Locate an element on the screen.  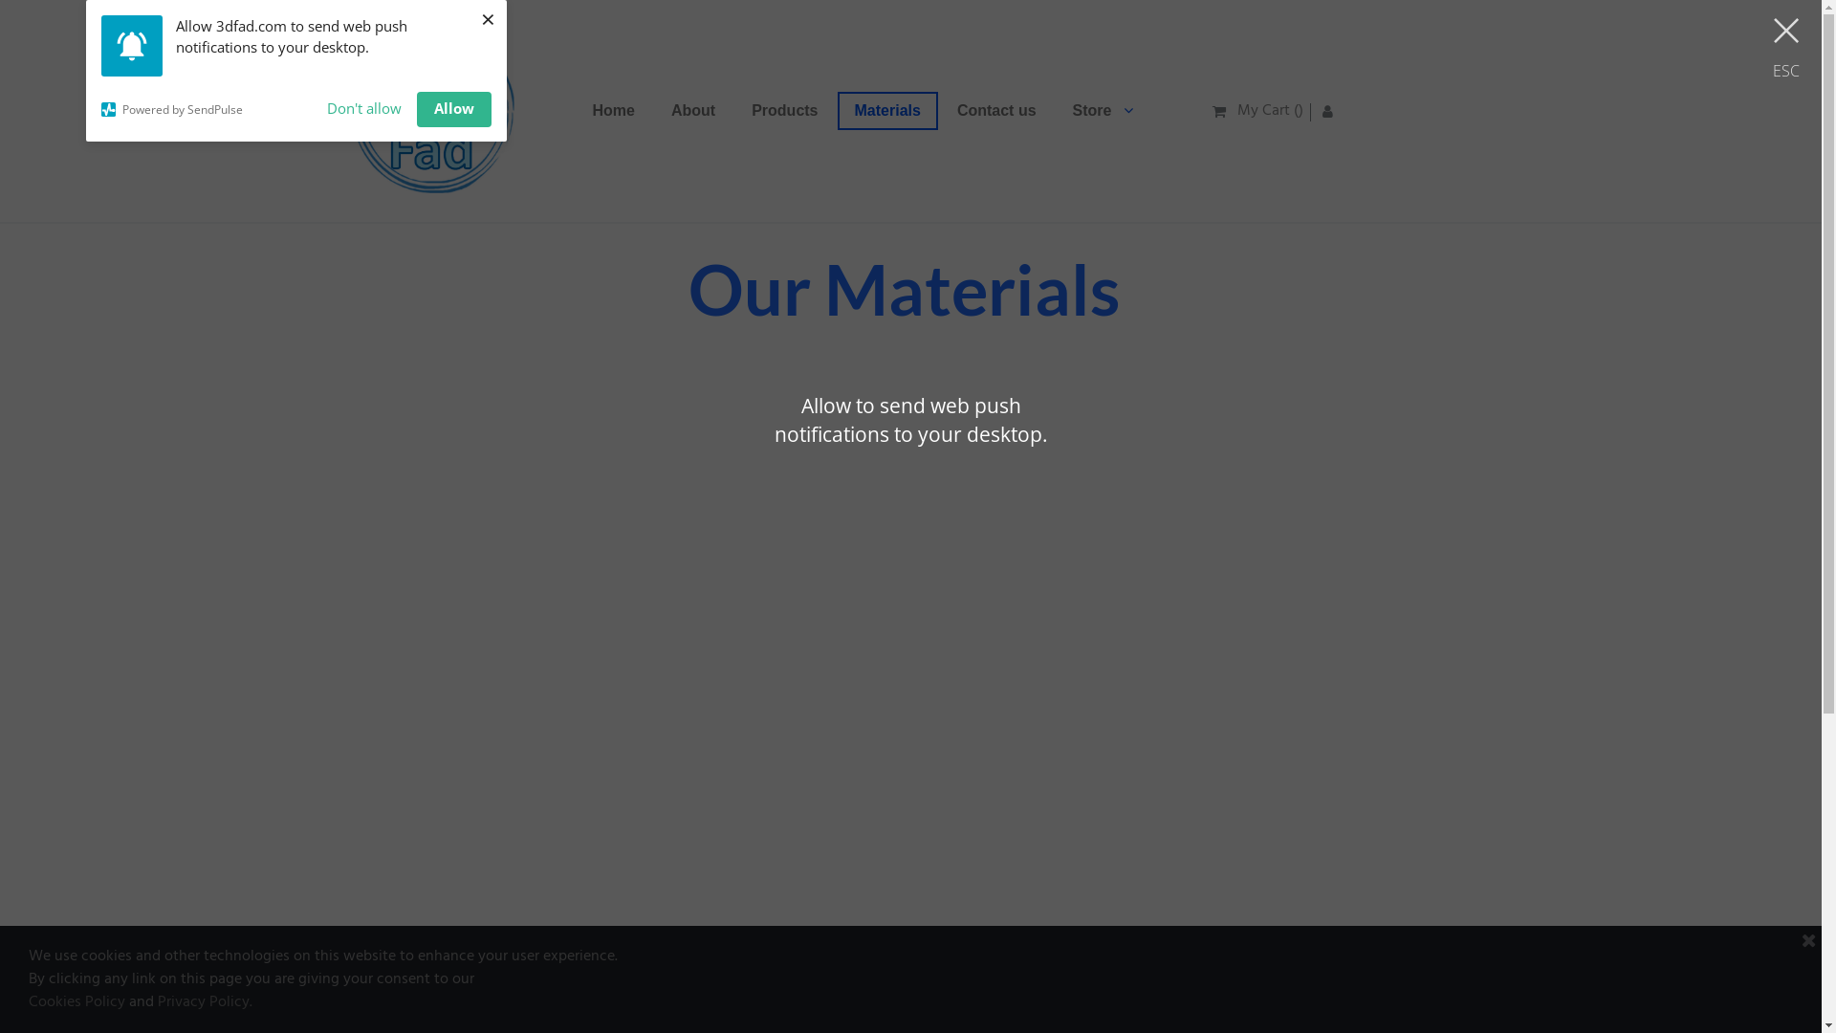
'Store' is located at coordinates (1055, 110).